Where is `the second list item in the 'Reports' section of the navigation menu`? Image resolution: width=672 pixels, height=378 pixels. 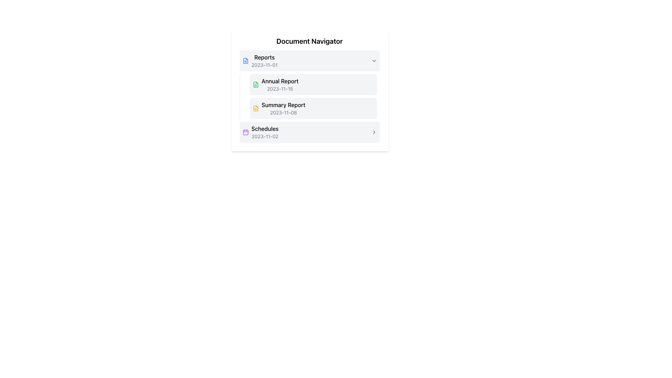
the second list item in the 'Reports' section of the navigation menu is located at coordinates (313, 108).